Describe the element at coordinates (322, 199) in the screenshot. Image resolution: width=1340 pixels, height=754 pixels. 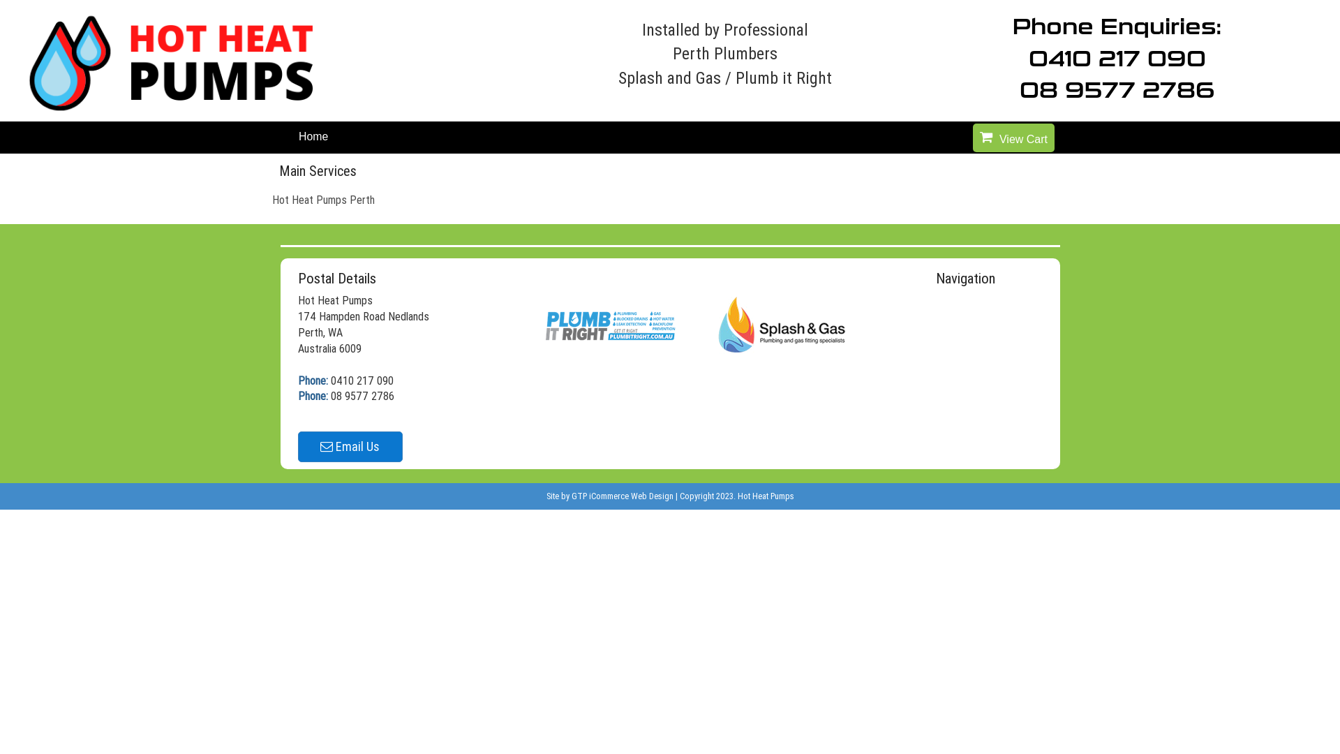
I see `'Hot Heat Pumps Perth'` at that location.